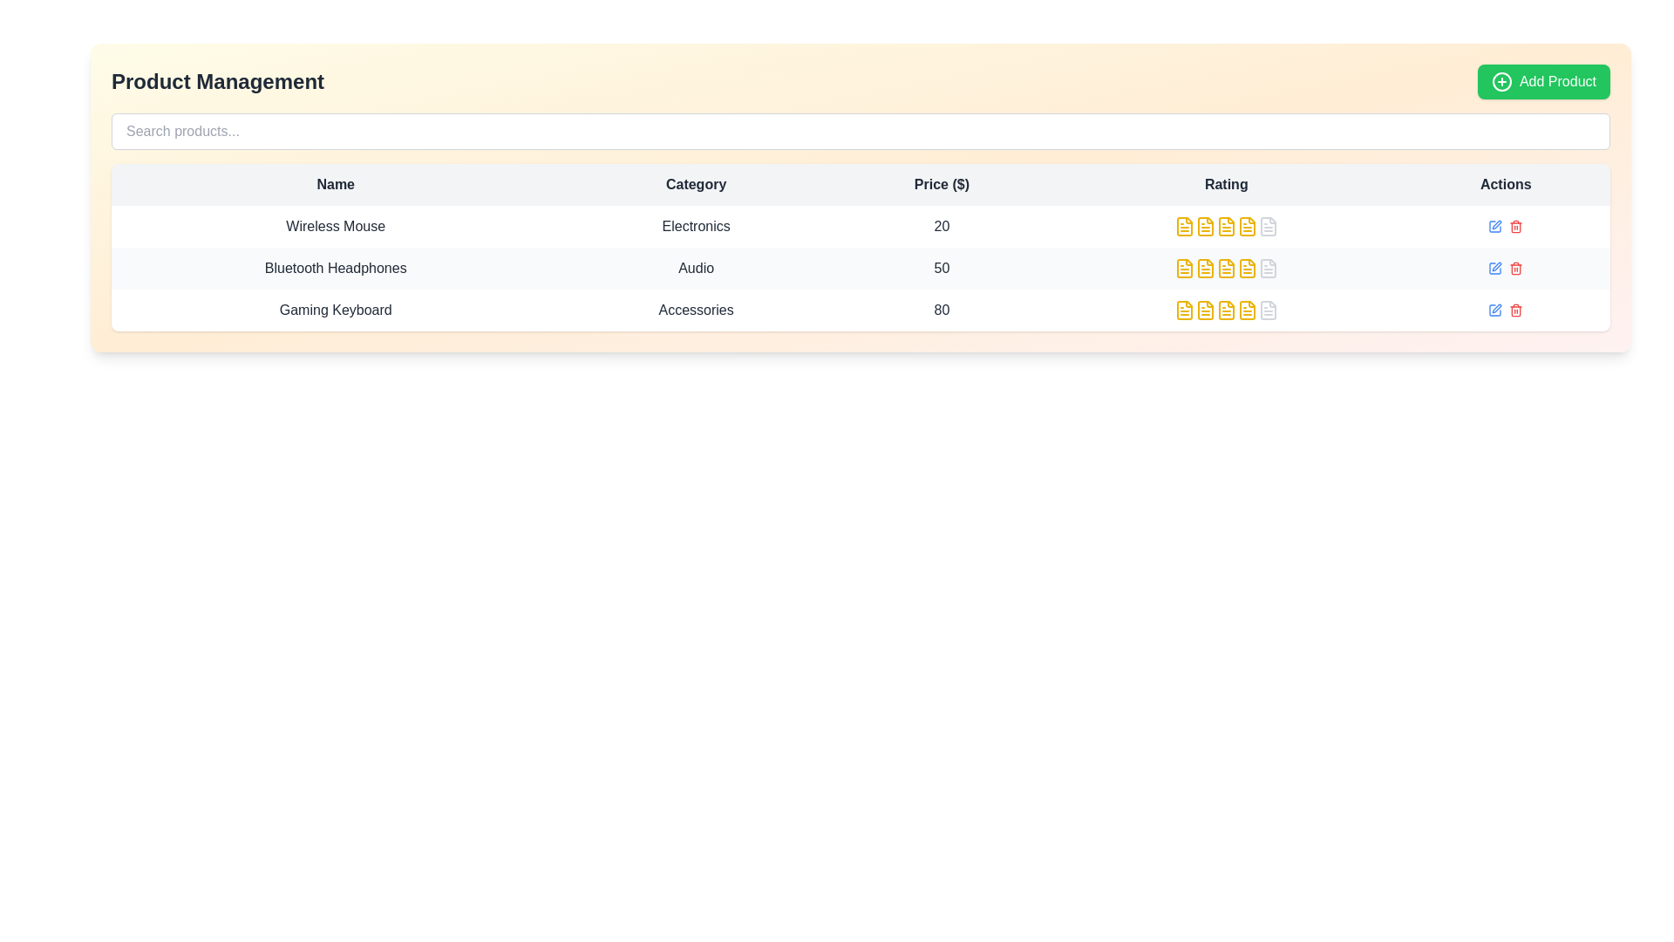 The image size is (1674, 942). Describe the element at coordinates (1268, 309) in the screenshot. I see `the fifth icon in the last row of the table under the 'Rating' column` at that location.